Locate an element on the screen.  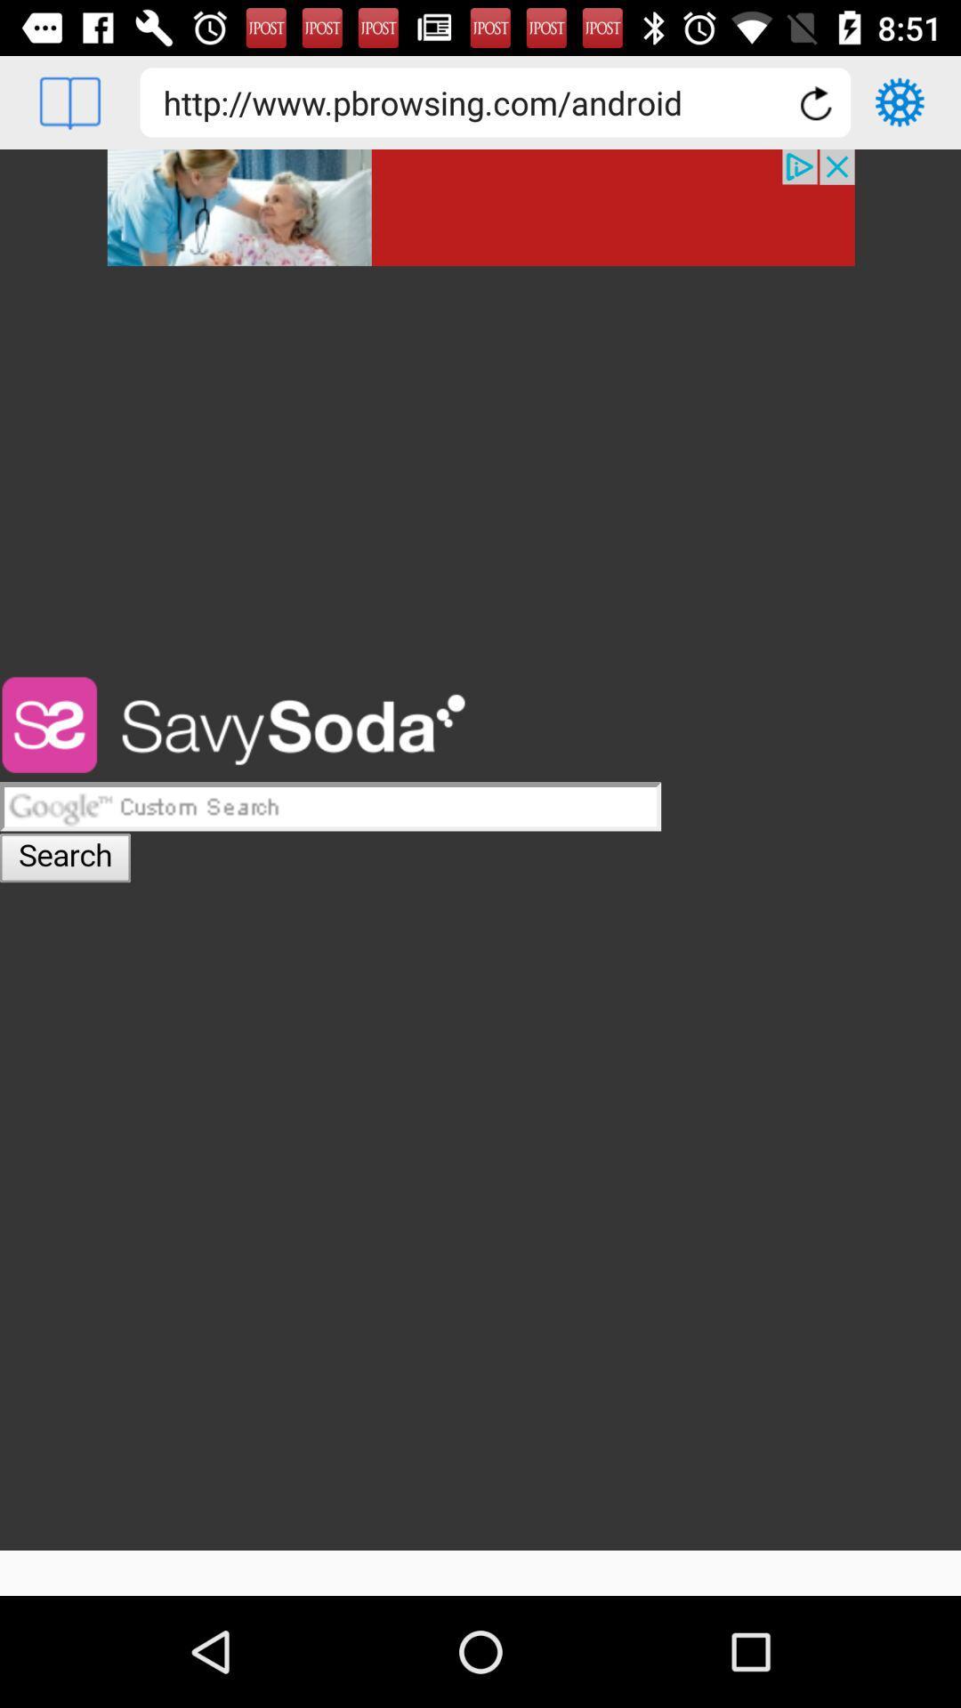
choose settings is located at coordinates (900, 101).